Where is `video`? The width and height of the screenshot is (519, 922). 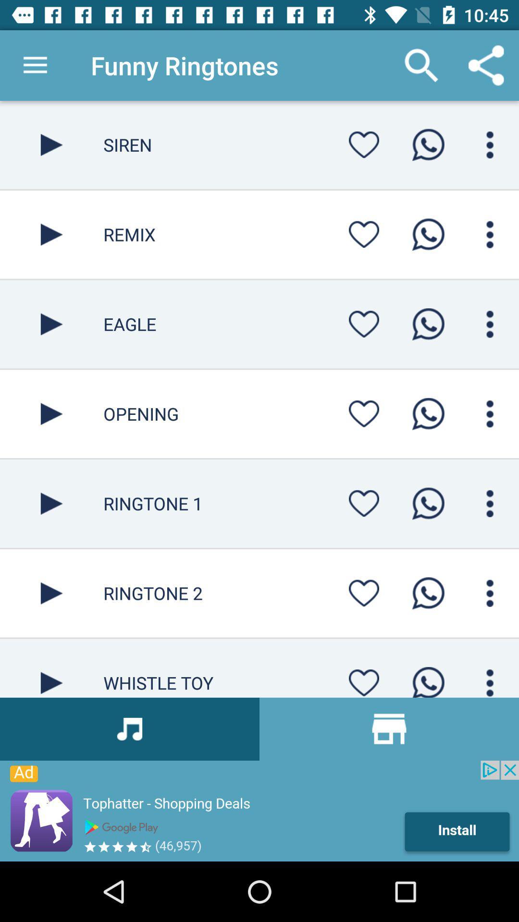 video is located at coordinates (51, 503).